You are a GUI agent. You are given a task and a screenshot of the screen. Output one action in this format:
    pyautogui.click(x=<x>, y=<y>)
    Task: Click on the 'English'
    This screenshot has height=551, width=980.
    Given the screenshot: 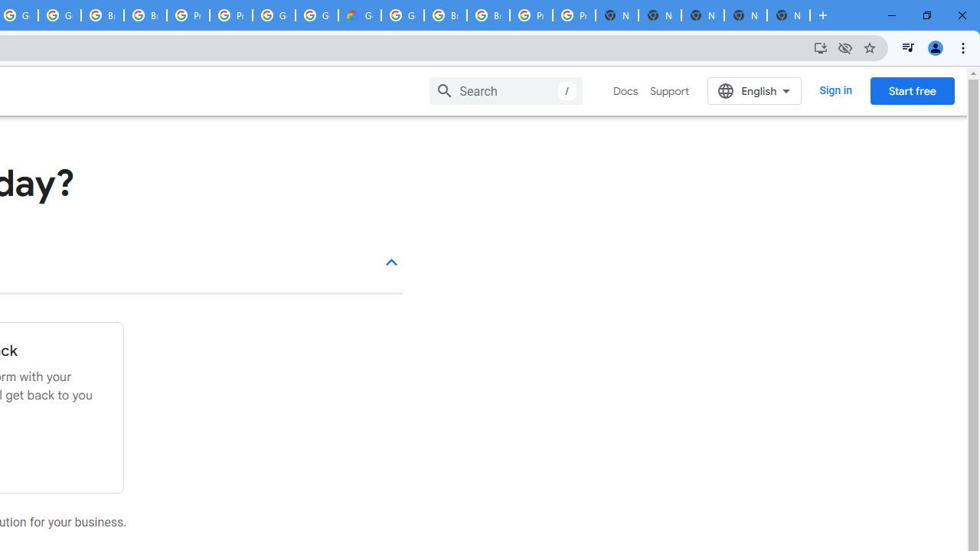 What is the action you would take?
    pyautogui.click(x=754, y=90)
    